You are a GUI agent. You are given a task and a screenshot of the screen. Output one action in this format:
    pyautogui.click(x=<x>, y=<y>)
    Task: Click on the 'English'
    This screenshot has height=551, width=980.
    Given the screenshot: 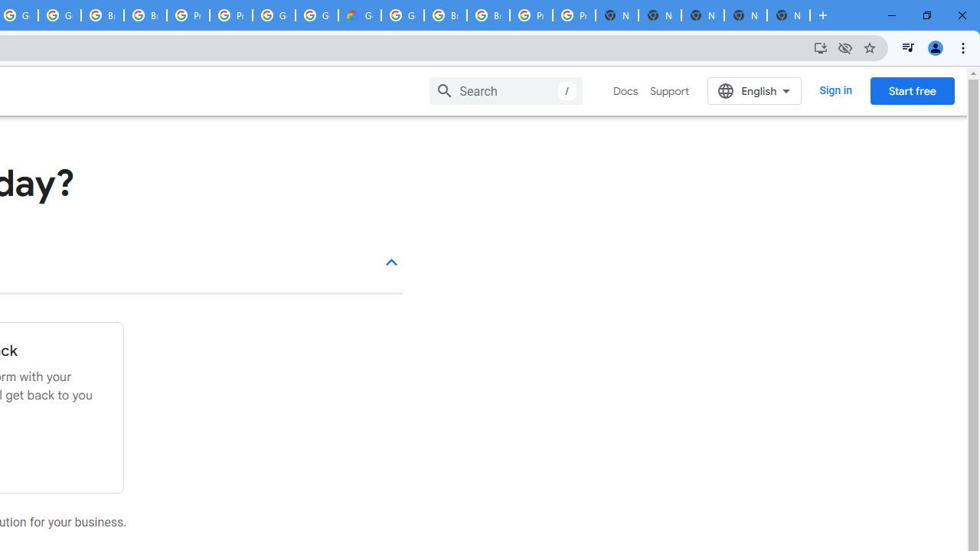 What is the action you would take?
    pyautogui.click(x=754, y=90)
    